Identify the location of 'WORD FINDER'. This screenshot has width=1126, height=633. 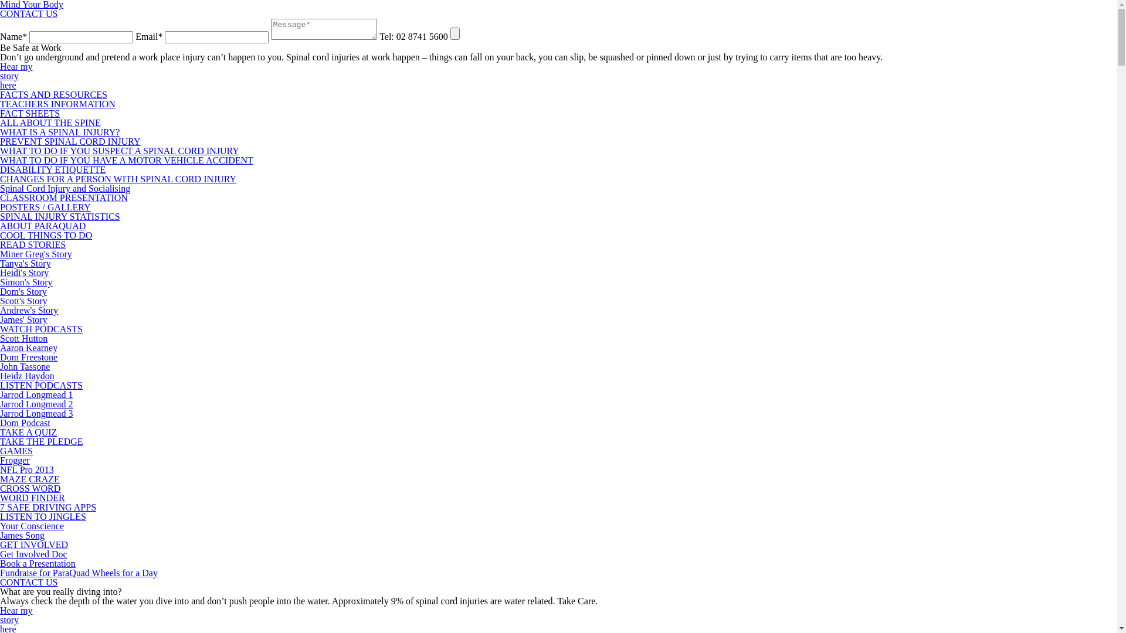
(32, 498).